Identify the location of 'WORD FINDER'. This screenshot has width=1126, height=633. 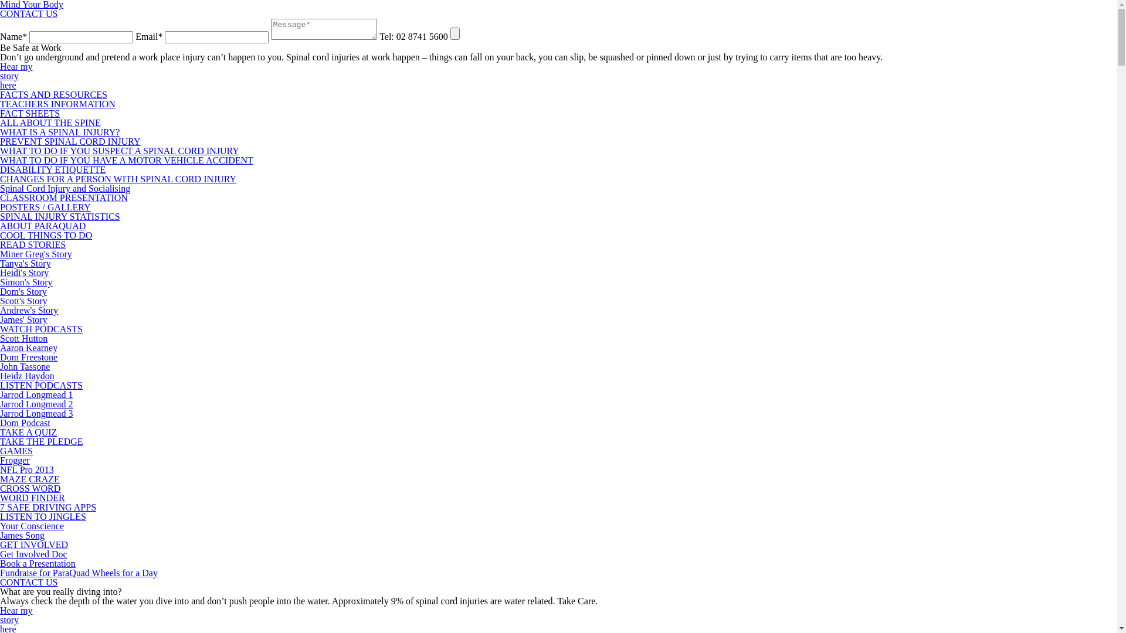
(32, 498).